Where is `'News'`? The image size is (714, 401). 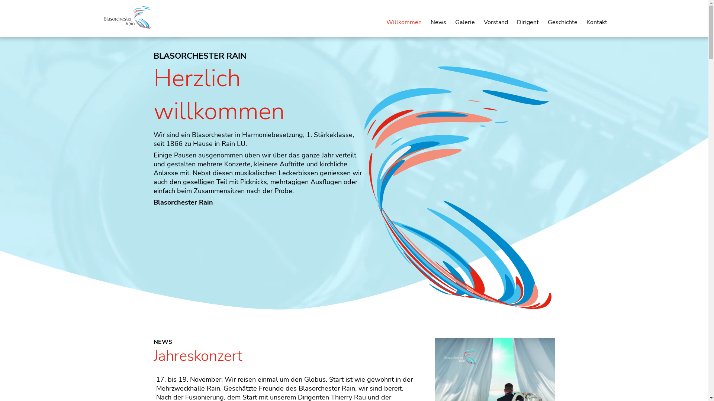 'News' is located at coordinates (438, 22).